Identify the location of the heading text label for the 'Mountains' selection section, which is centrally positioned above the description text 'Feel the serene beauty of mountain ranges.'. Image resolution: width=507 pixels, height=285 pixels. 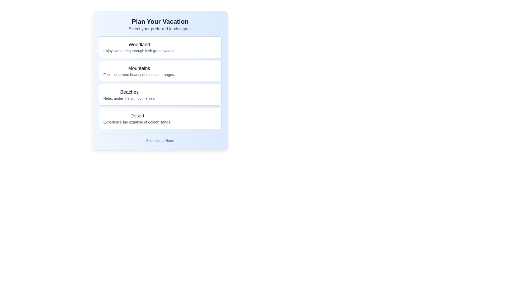
(139, 68).